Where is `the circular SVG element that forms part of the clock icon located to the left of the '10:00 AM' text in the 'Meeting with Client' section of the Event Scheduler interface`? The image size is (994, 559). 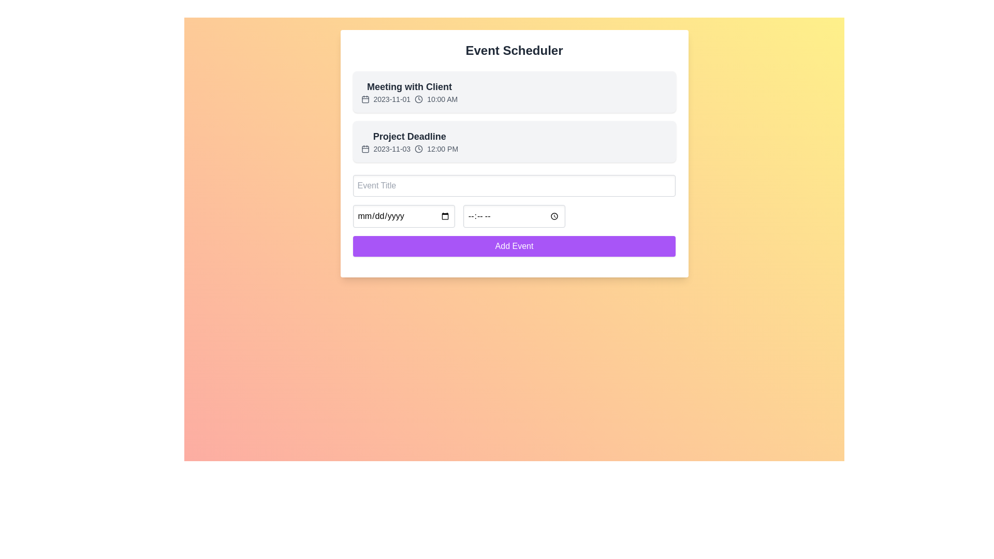
the circular SVG element that forms part of the clock icon located to the left of the '10:00 AM' text in the 'Meeting with Client' section of the Event Scheduler interface is located at coordinates (419, 99).